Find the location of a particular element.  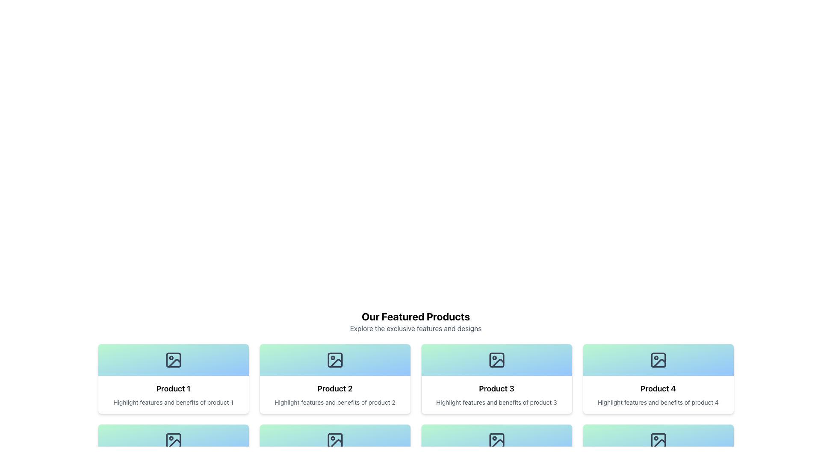

the image placeholder icon located at the top-center of the lower right product card in the grid of featured product cards is located at coordinates (658, 440).